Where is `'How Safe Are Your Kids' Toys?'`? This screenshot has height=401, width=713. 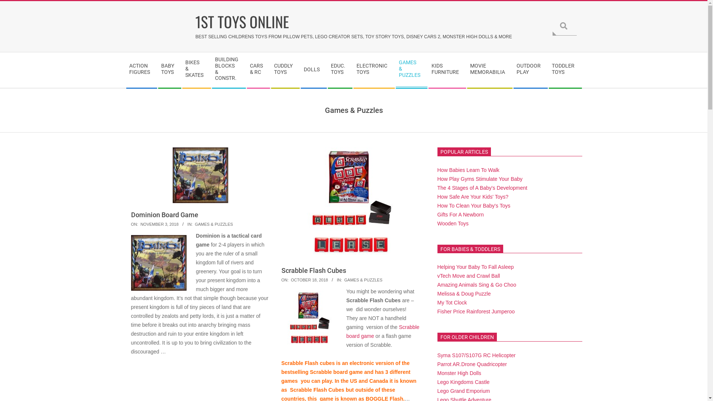
'How Safe Are Your Kids' Toys?' is located at coordinates (472, 196).